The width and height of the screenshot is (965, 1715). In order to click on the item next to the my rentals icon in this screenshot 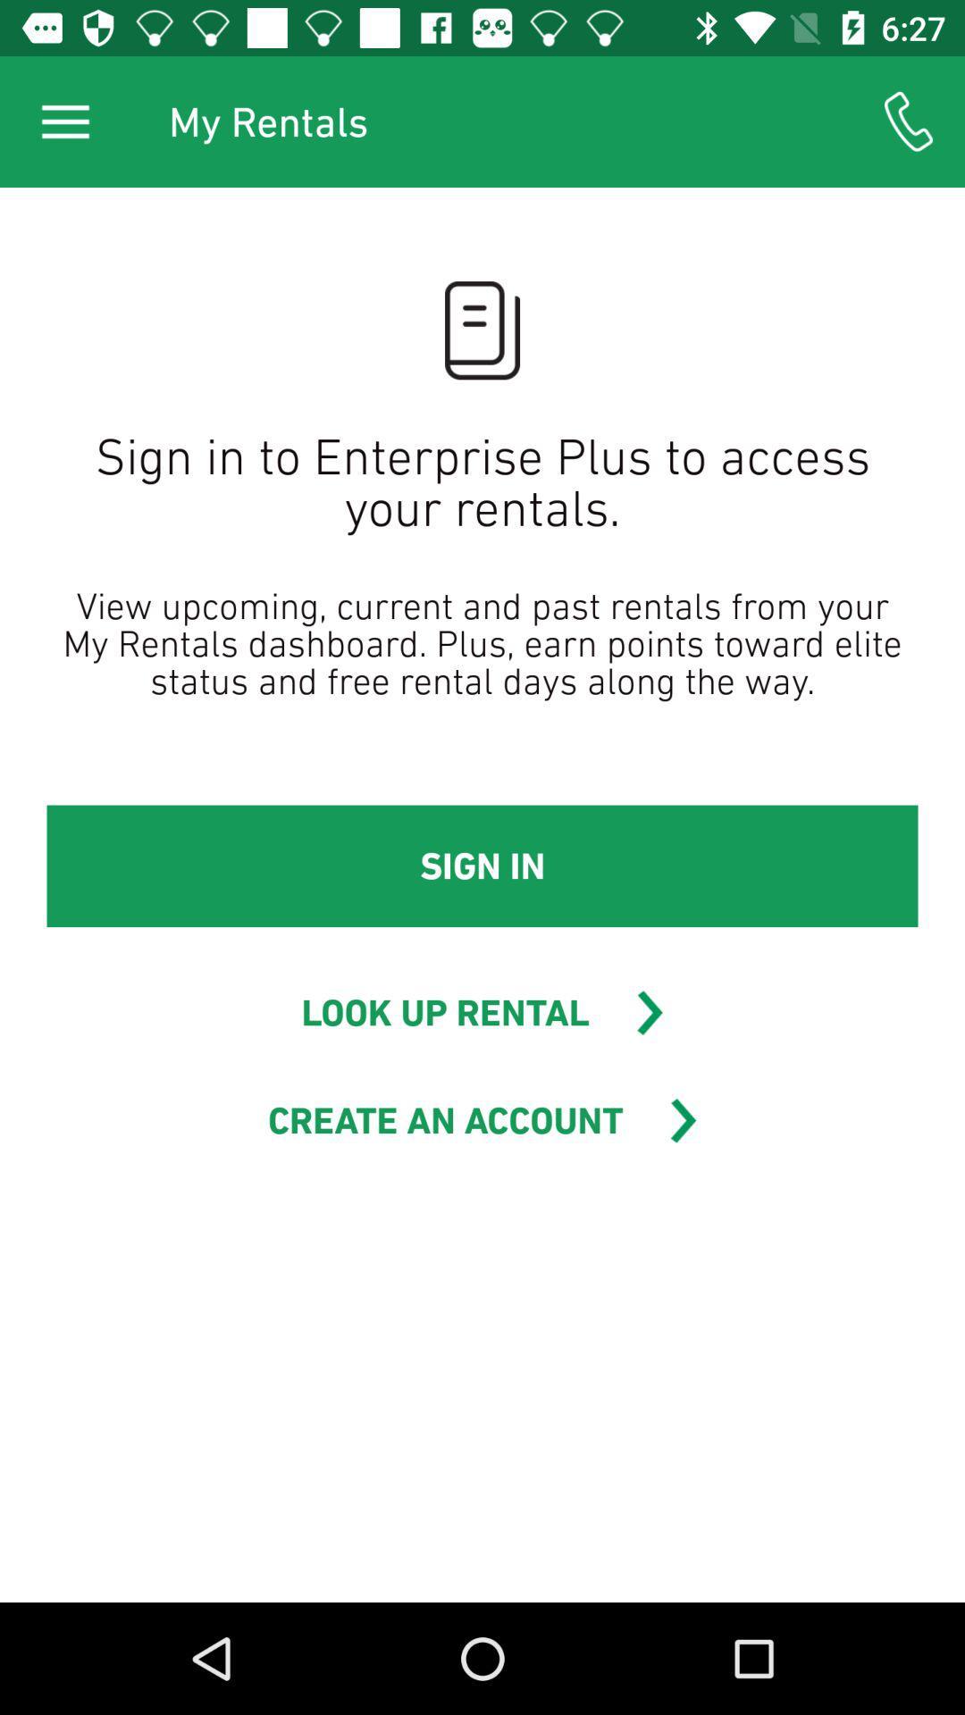, I will do `click(64, 121)`.